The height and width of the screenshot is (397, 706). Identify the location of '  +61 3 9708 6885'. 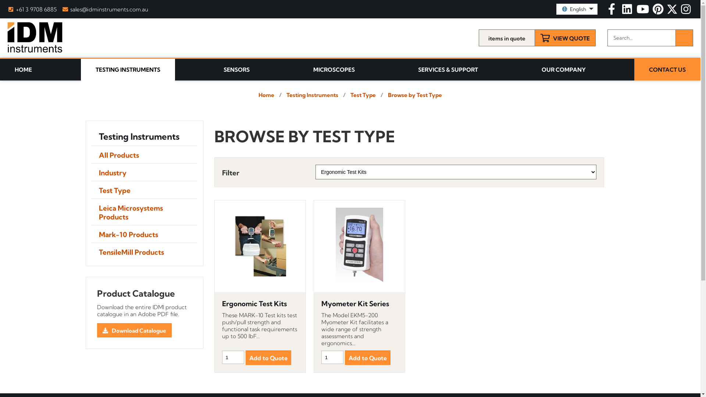
(31, 9).